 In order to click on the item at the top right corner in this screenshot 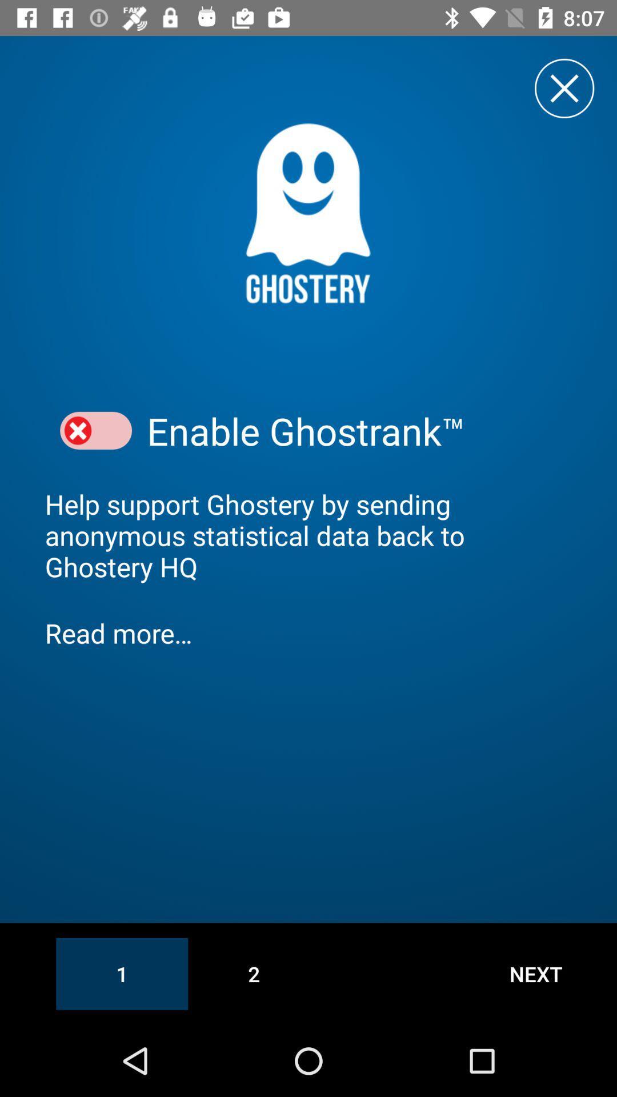, I will do `click(564, 87)`.